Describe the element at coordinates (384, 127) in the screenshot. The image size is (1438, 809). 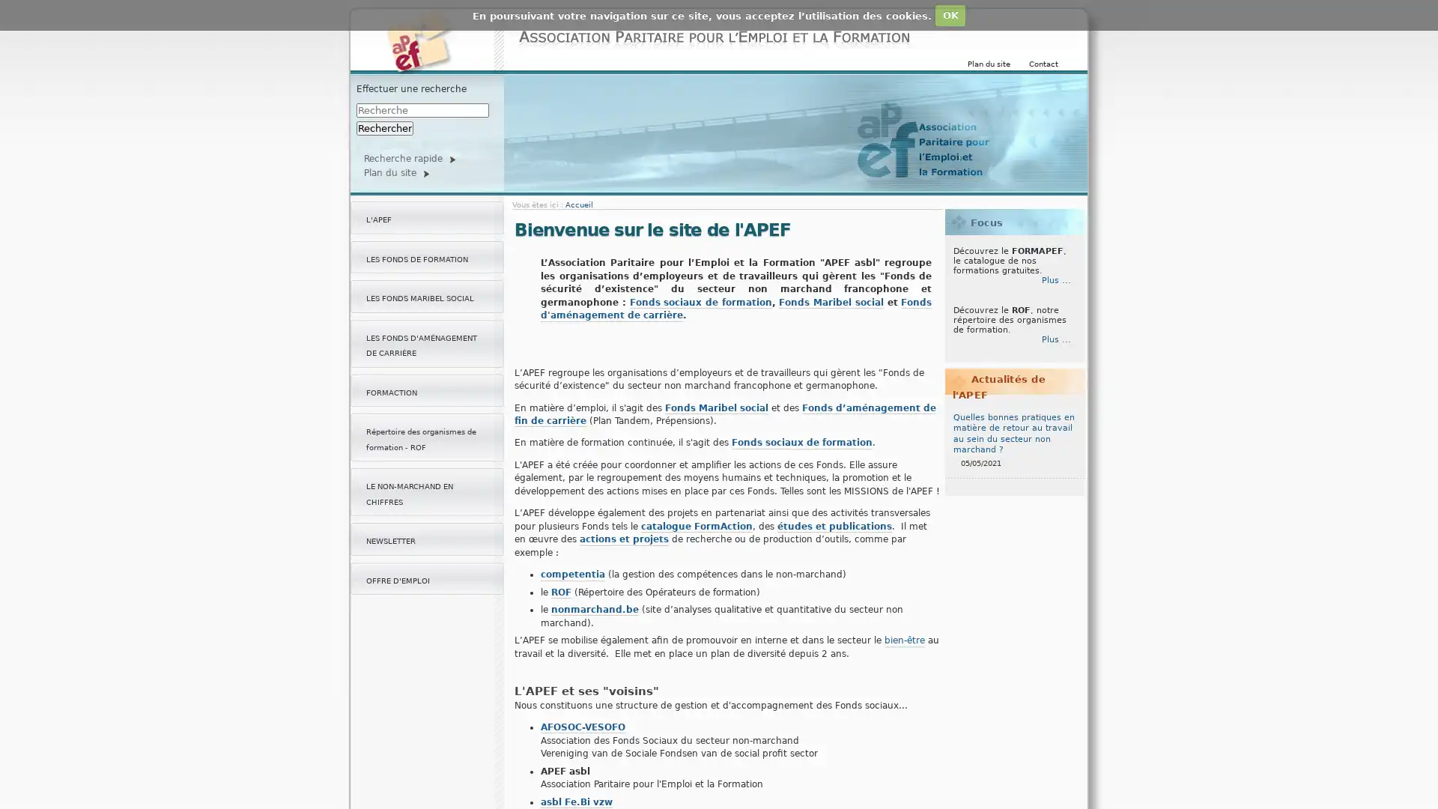
I see `Rechercher` at that location.